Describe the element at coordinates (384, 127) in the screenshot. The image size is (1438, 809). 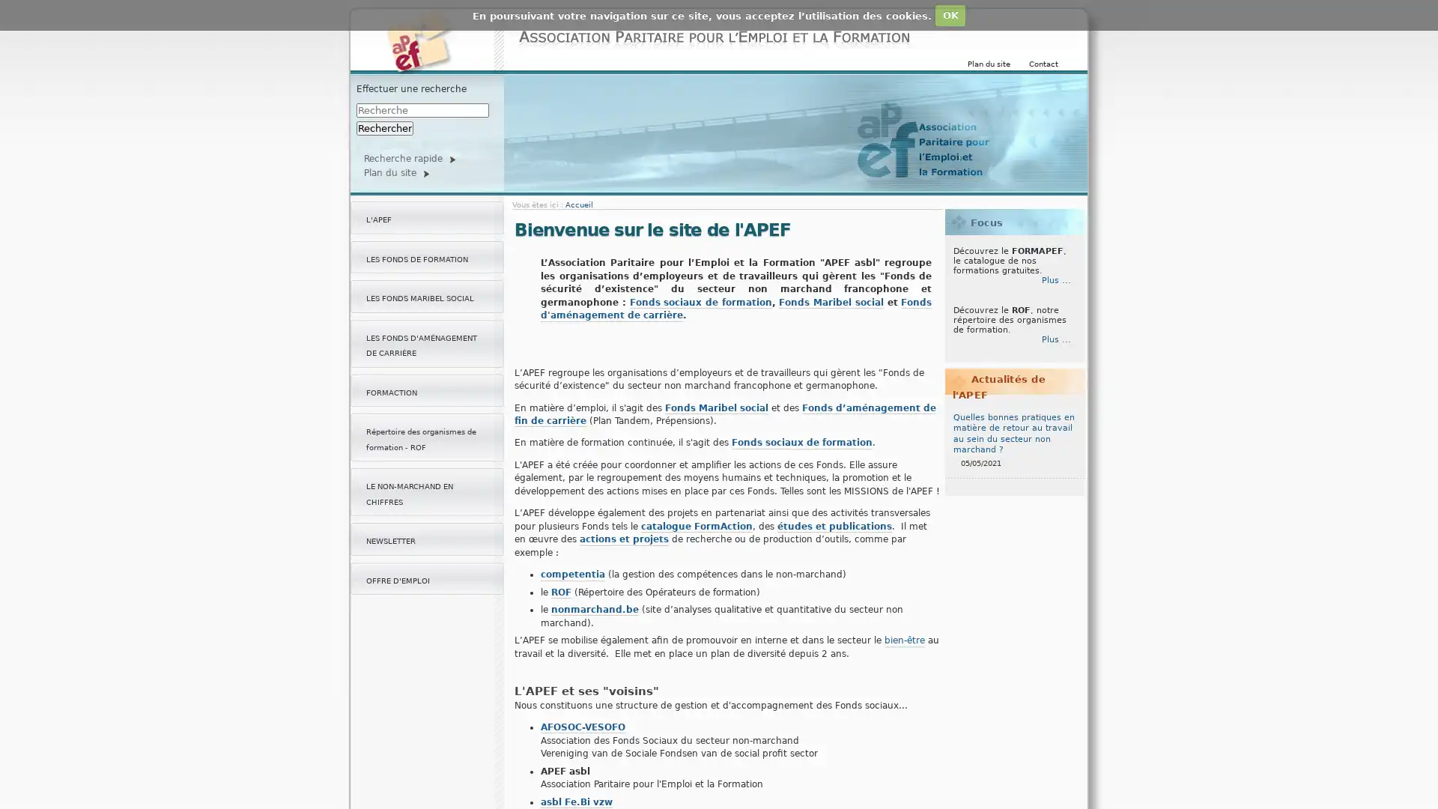
I see `Rechercher` at that location.